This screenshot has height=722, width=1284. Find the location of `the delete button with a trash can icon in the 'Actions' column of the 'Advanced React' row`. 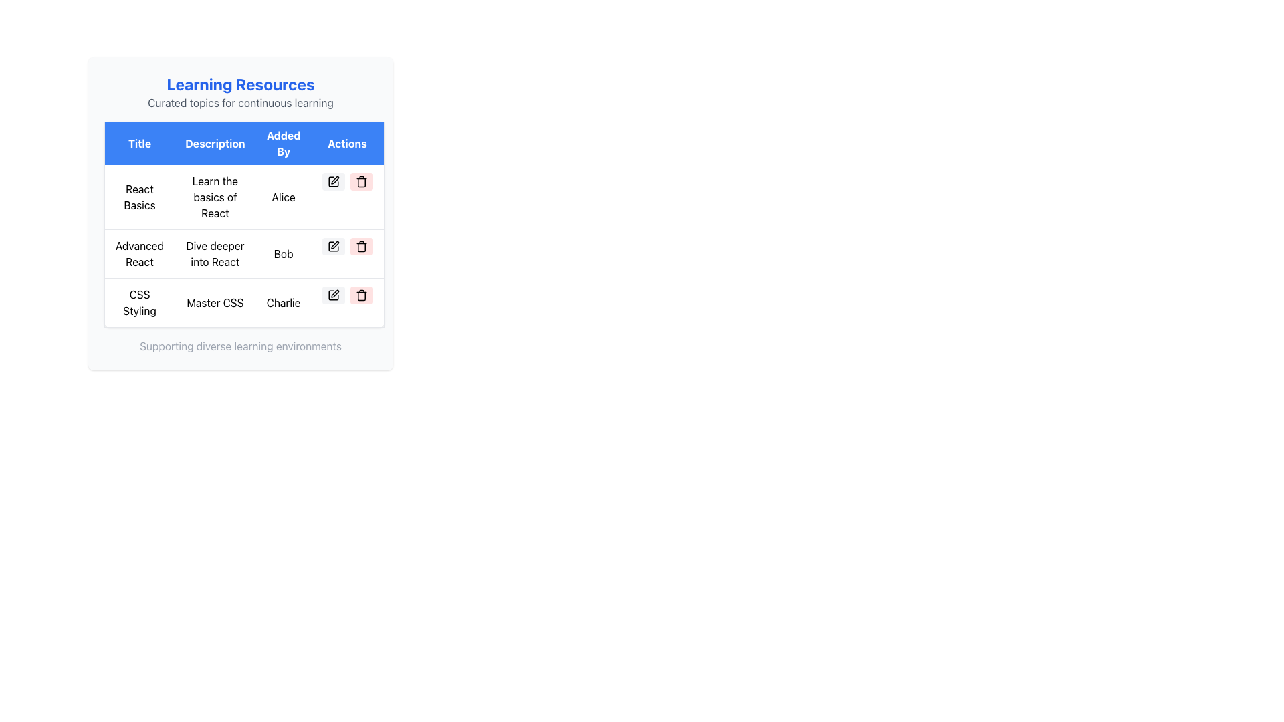

the delete button with a trash can icon in the 'Actions' column of the 'Advanced React' row is located at coordinates (361, 247).